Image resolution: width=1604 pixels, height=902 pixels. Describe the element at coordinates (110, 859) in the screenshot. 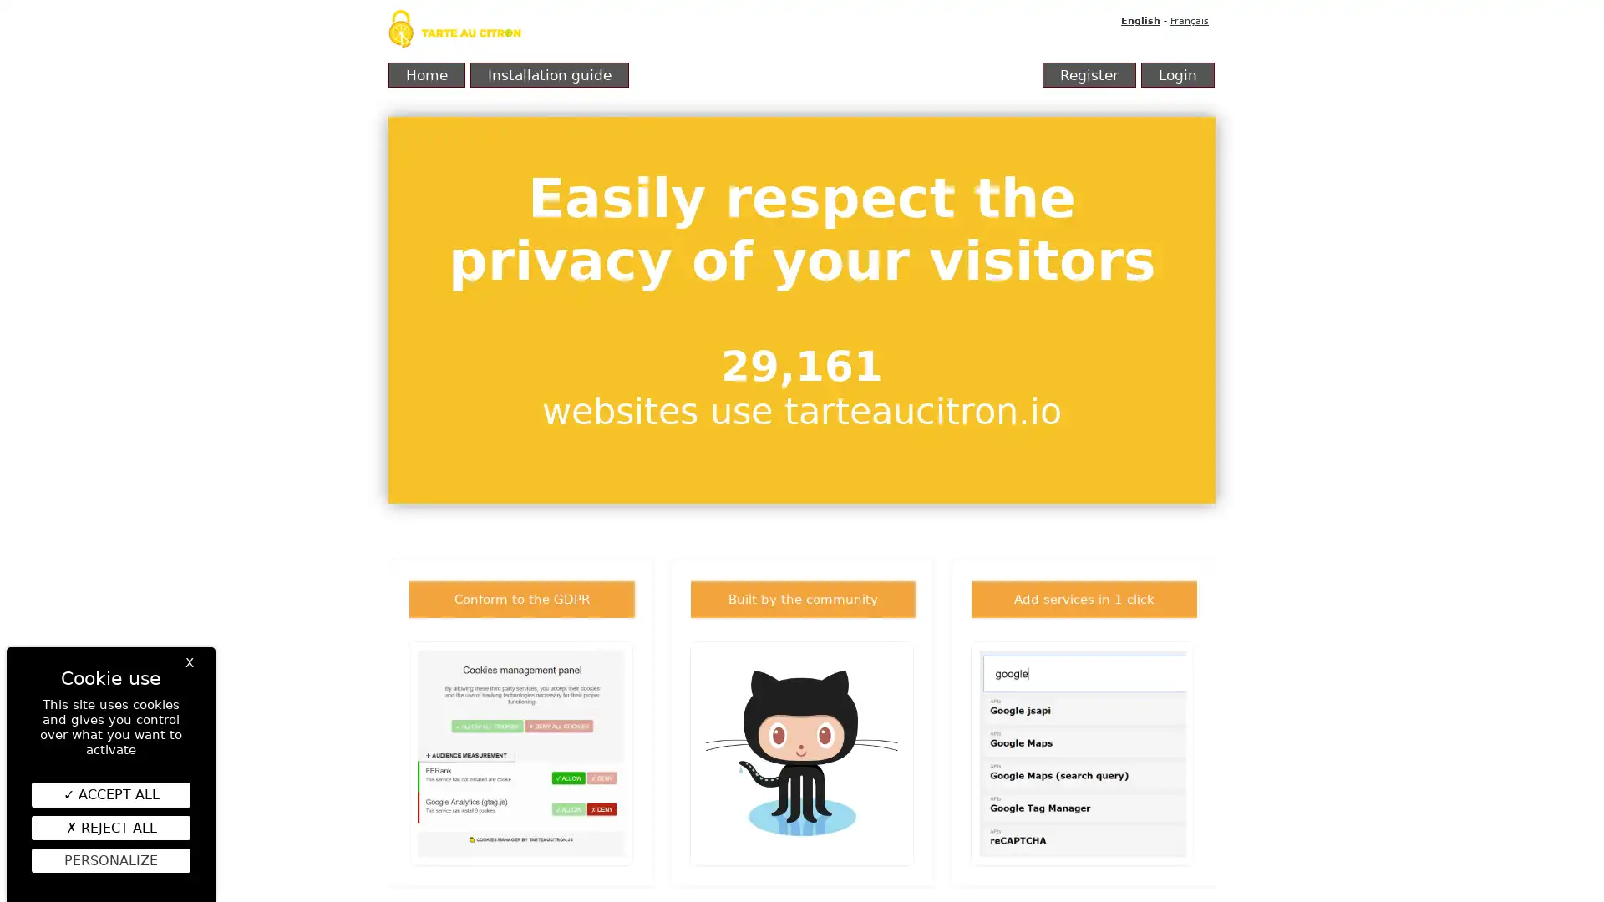

I see `Personalize (modal window)` at that location.